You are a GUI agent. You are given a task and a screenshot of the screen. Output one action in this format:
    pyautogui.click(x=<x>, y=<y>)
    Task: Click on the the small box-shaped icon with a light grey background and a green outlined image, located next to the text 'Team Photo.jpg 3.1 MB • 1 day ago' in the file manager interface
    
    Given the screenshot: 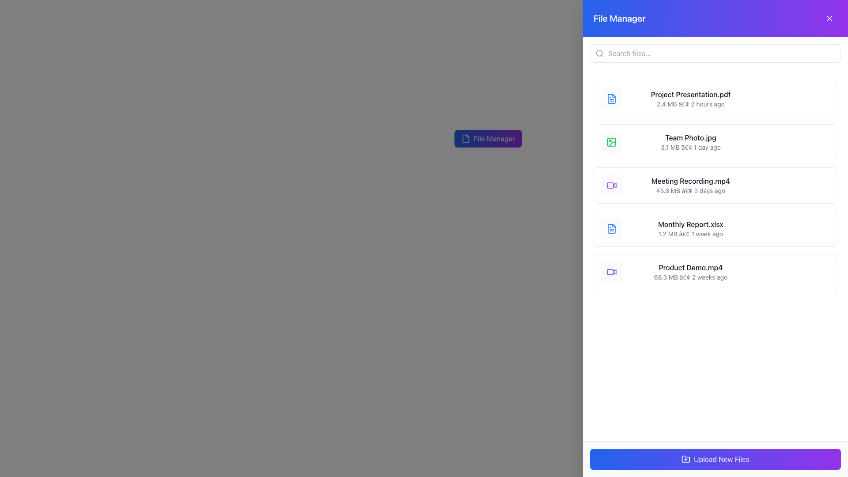 What is the action you would take?
    pyautogui.click(x=611, y=141)
    